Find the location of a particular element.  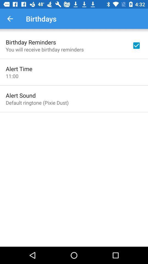

icon below the birthday reminders item is located at coordinates (44, 49).